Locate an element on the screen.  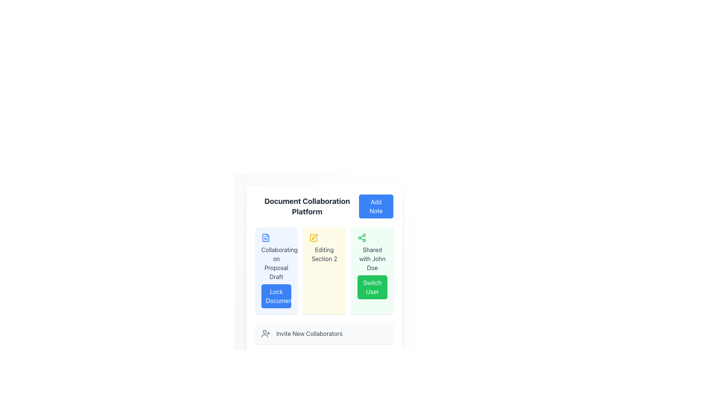
the 'Add Note' button, which is a rectangular button with a blue background and rounded corners, located at the top-right corner of the 'Document Collaboration Platform' section is located at coordinates (376, 206).